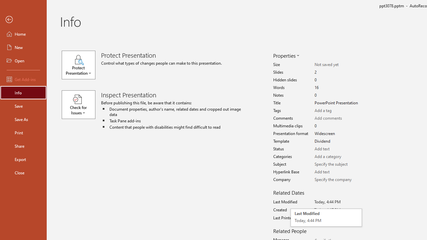 This screenshot has width=427, height=240. Describe the element at coordinates (338, 80) in the screenshot. I see `'Hidden slides'` at that location.